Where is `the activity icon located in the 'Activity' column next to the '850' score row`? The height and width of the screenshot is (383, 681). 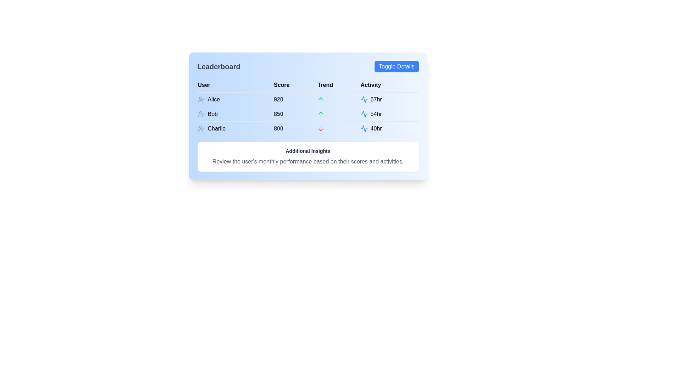 the activity icon located in the 'Activity' column next to the '850' score row is located at coordinates (364, 128).